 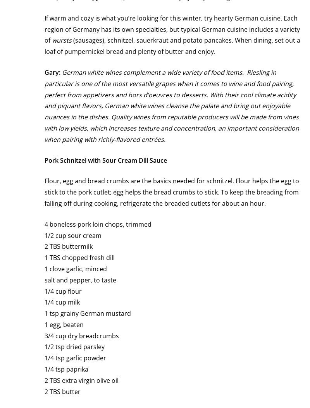 I want to click on 'wursts', so click(x=62, y=40).